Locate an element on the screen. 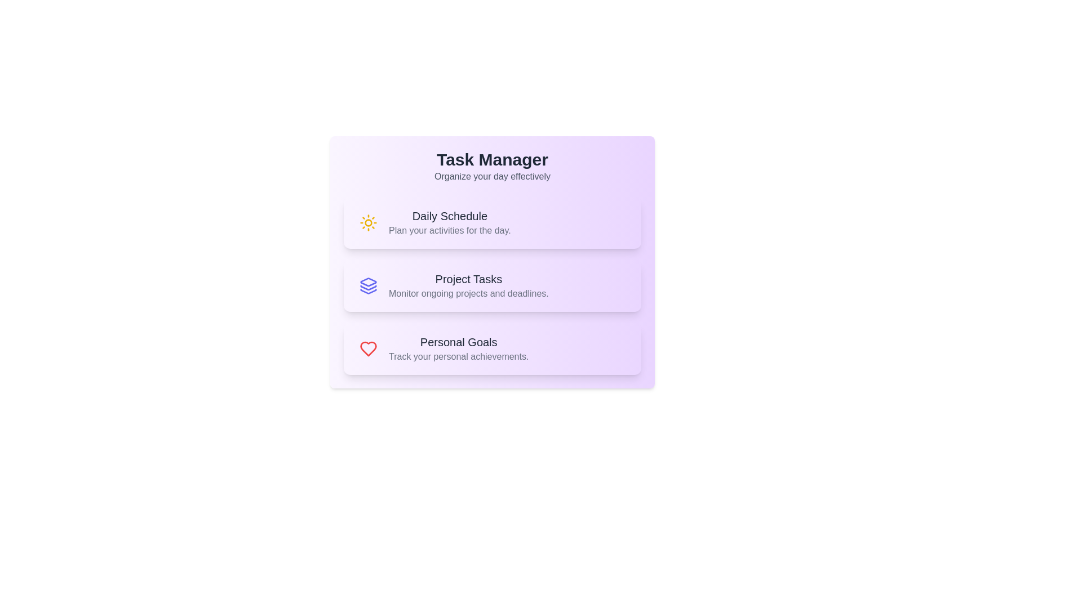 The width and height of the screenshot is (1082, 608). the icon for Personal Goals is located at coordinates (368, 348).